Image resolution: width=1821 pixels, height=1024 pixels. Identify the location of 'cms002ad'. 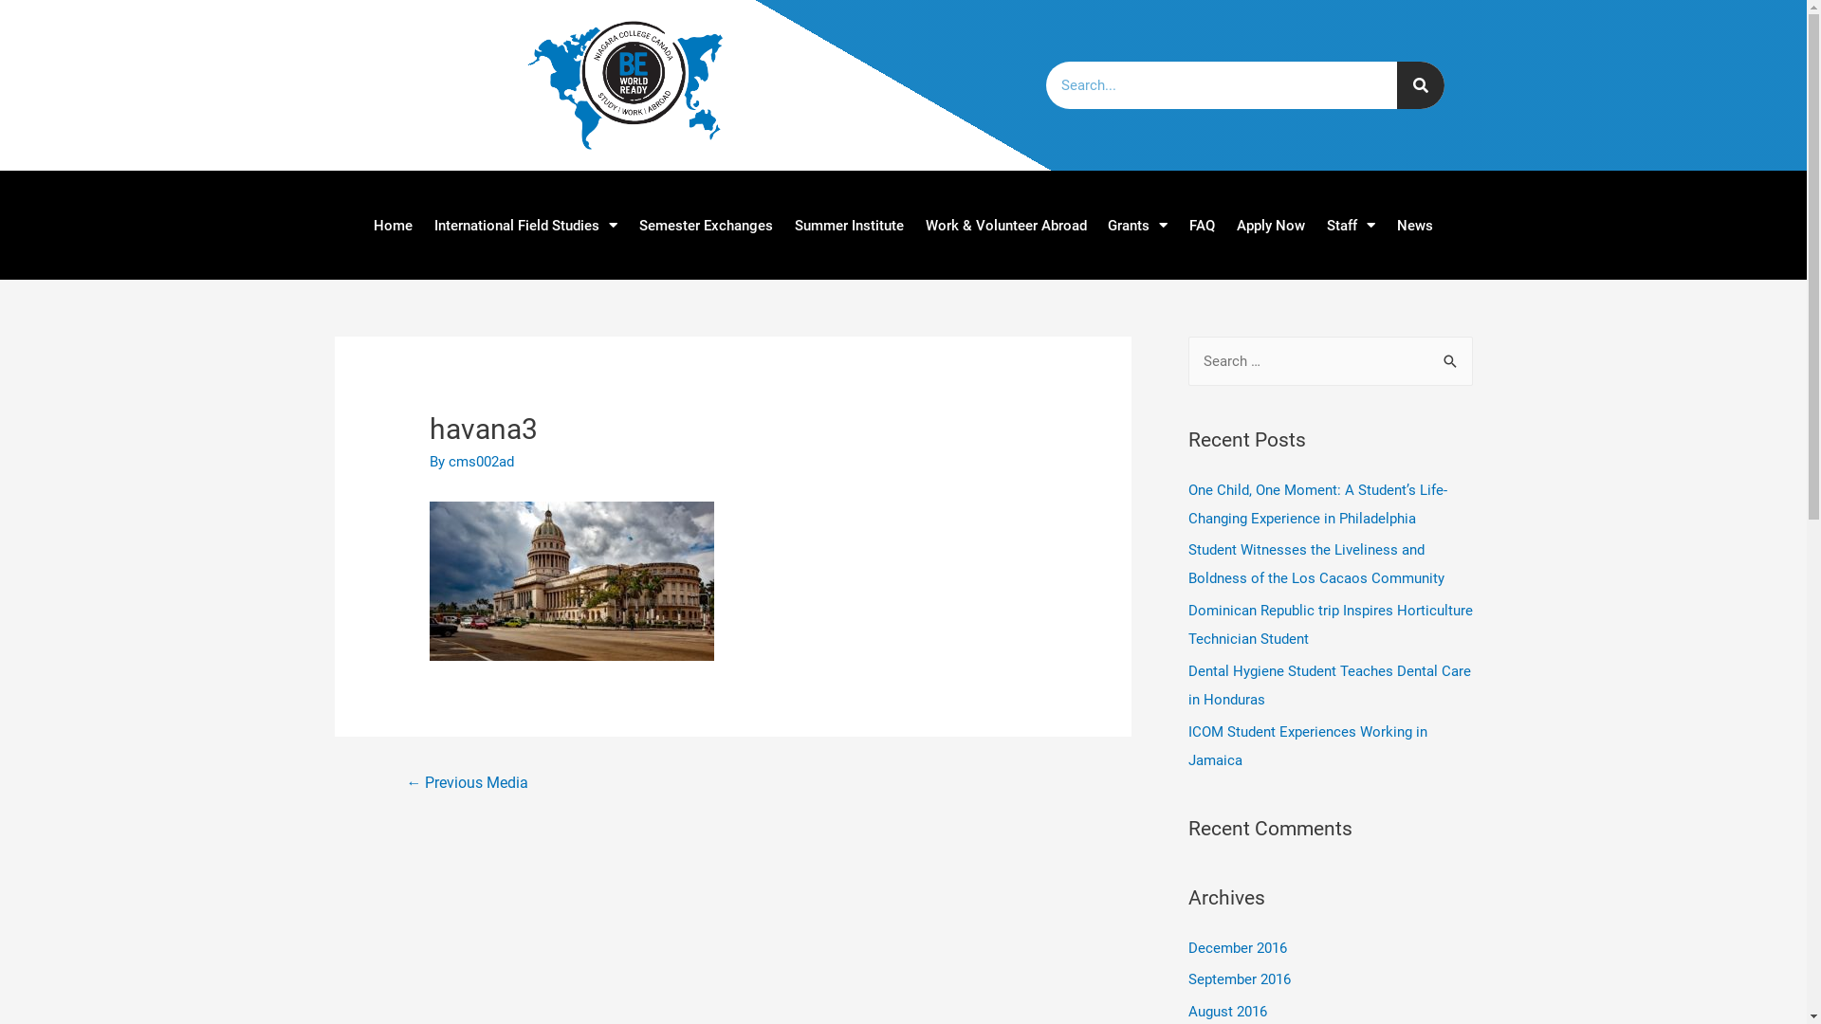
(481, 461).